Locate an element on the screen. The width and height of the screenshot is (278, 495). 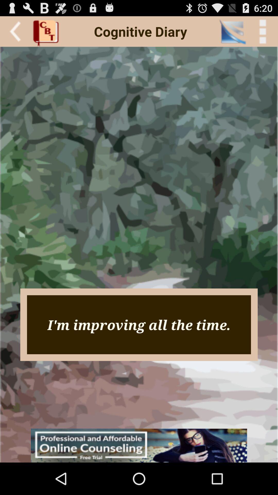
free trial is located at coordinates (139, 445).